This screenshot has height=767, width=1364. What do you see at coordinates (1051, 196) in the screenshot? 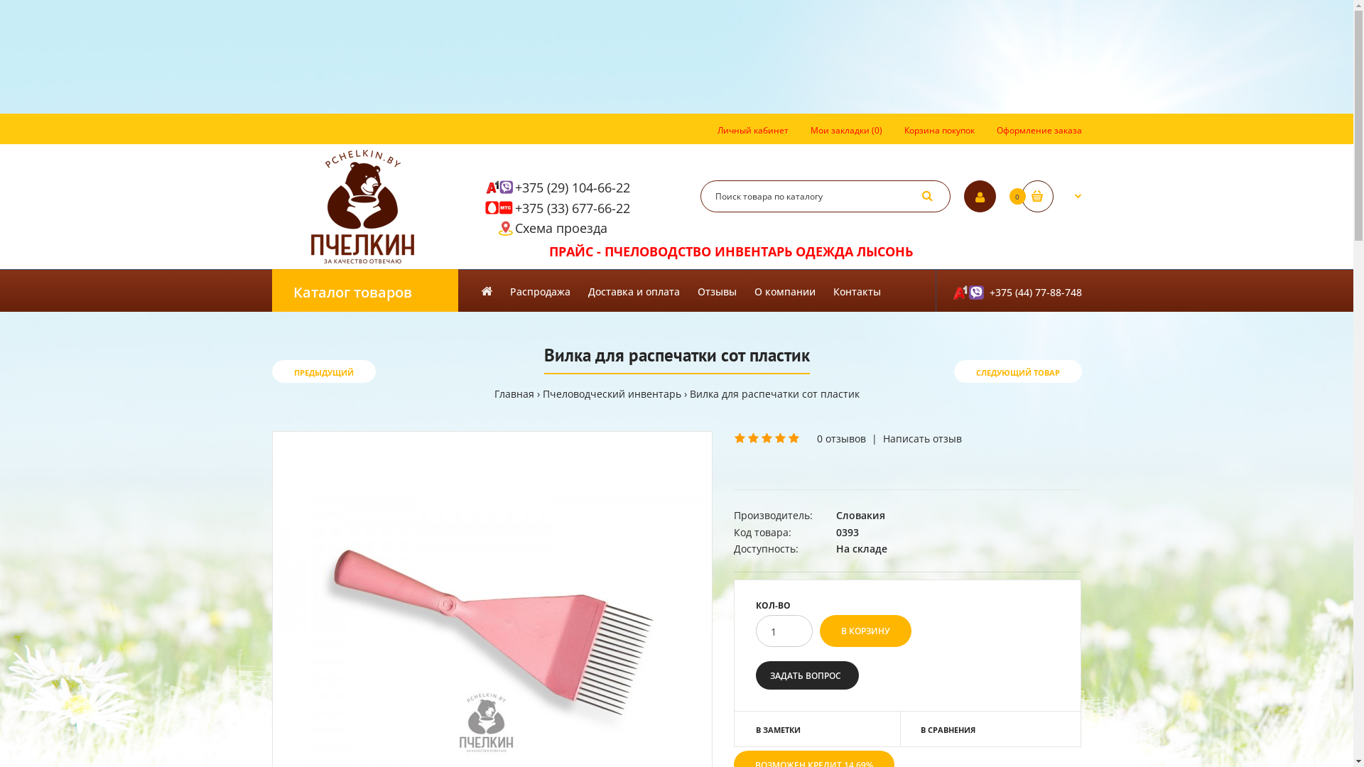
I see `'0'` at bounding box center [1051, 196].